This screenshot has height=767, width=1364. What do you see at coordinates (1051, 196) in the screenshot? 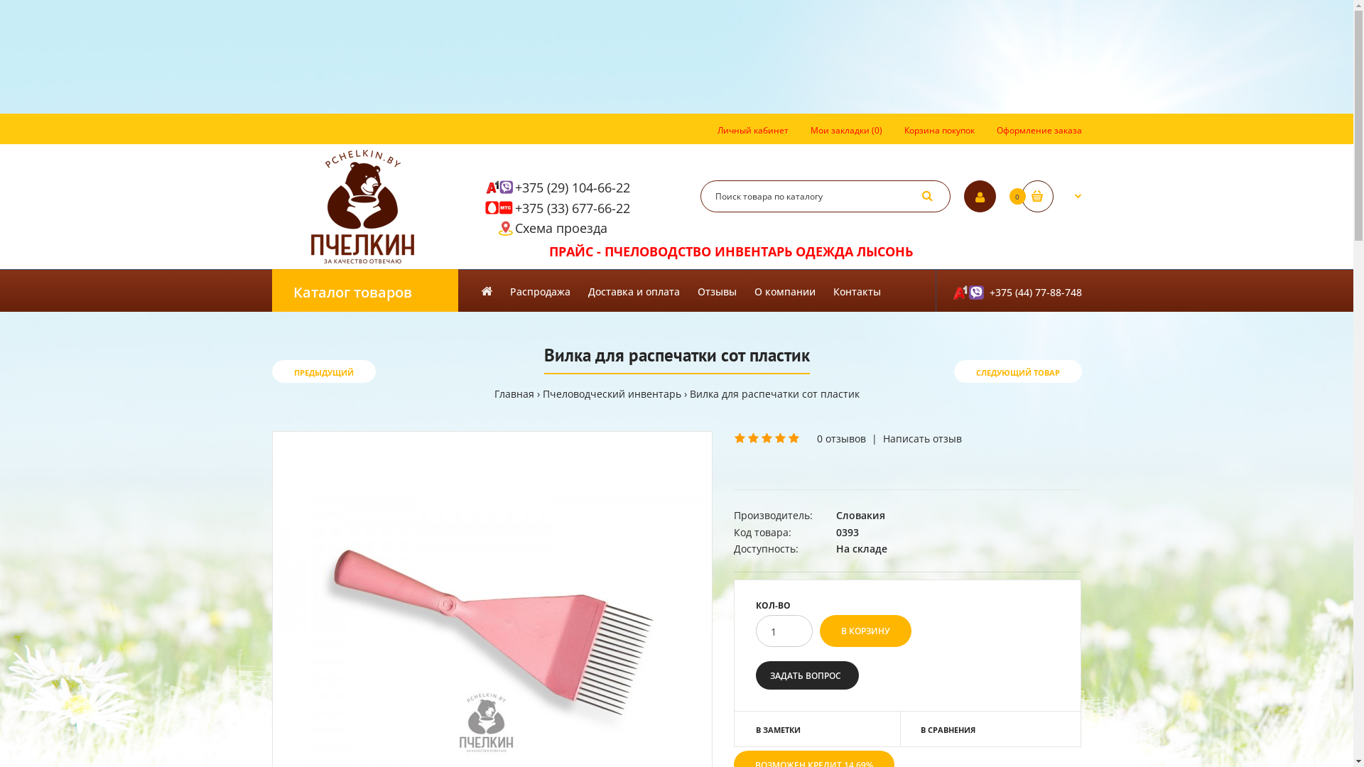
I see `'0'` at bounding box center [1051, 196].